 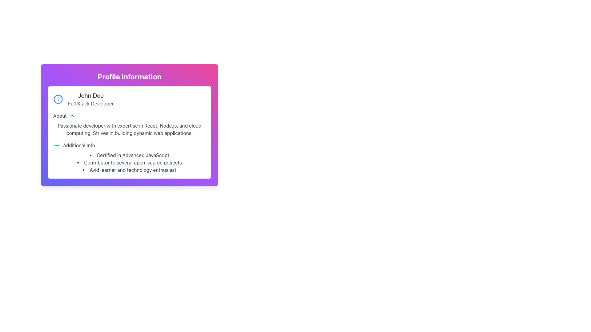 What do you see at coordinates (129, 124) in the screenshot?
I see `the Text block that provides a brief overview or personal summary of the developer, located below the 'John Doe Full Stack Developer' section and above the 'Additional Info' section` at bounding box center [129, 124].